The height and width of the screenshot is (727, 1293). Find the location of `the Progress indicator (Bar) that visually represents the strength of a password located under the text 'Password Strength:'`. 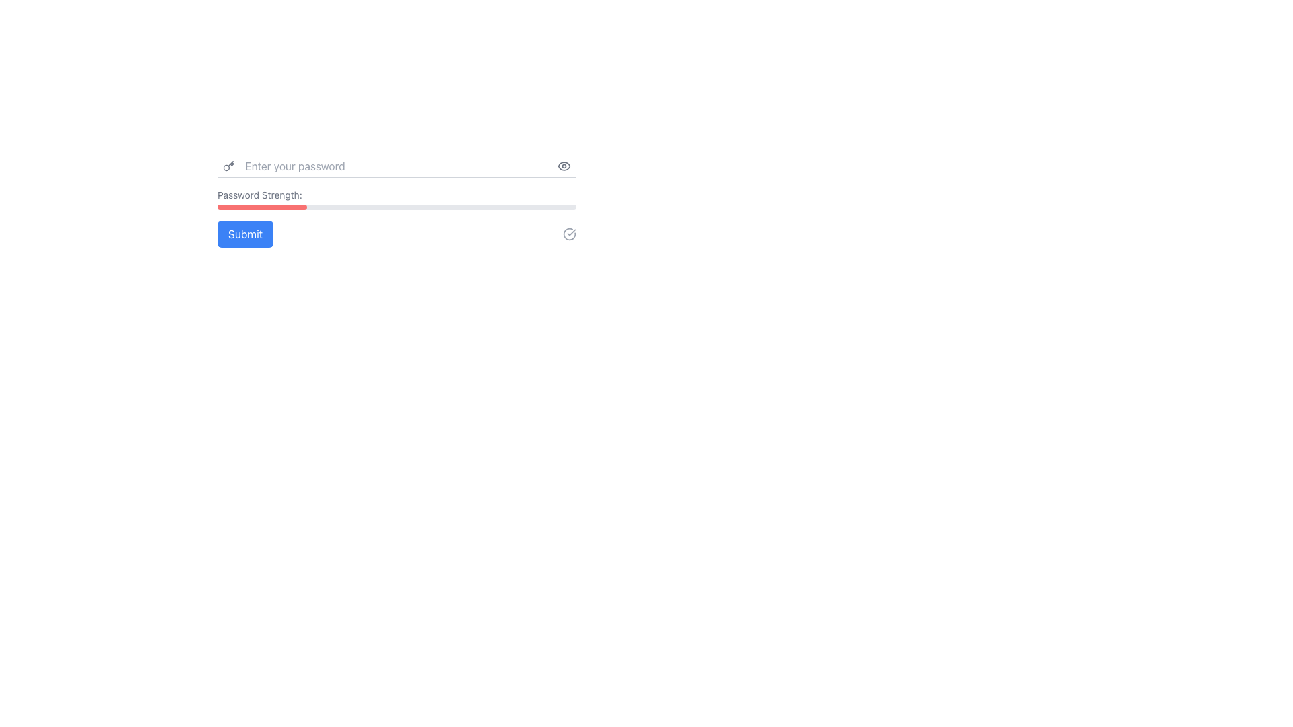

the Progress indicator (Bar) that visually represents the strength of a password located under the text 'Password Strength:' is located at coordinates (396, 207).